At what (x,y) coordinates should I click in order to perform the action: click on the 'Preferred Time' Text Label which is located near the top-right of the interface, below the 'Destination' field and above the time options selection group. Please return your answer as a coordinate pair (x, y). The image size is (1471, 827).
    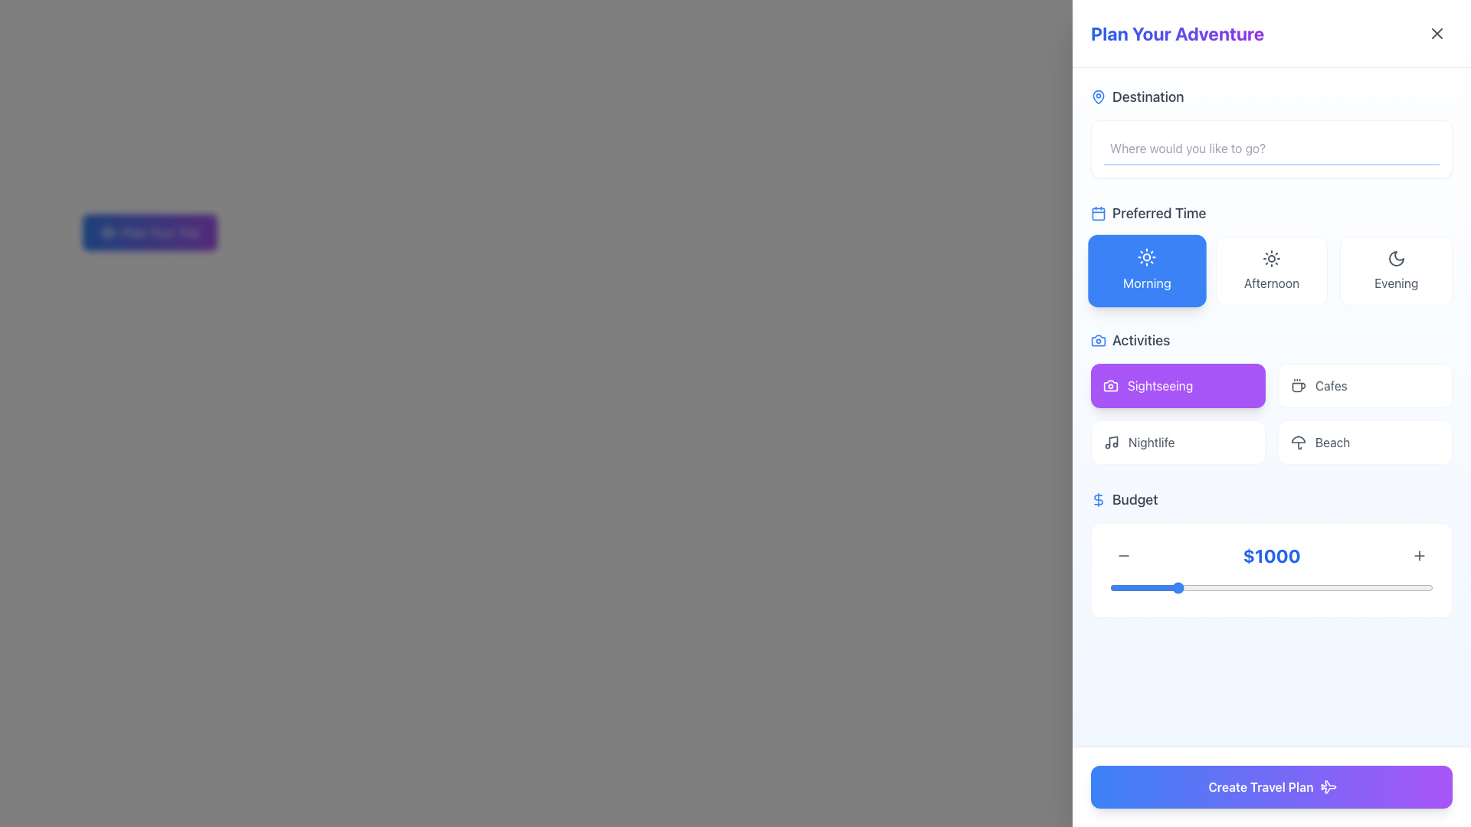
    Looking at the image, I should click on (1159, 213).